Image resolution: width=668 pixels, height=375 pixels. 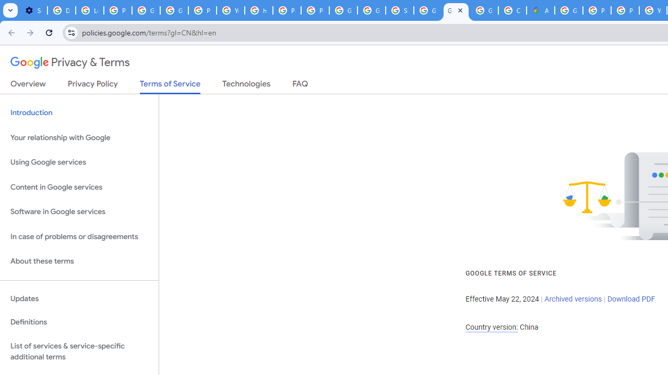 I want to click on 'Sign in - Google Accounts', so click(x=399, y=10).